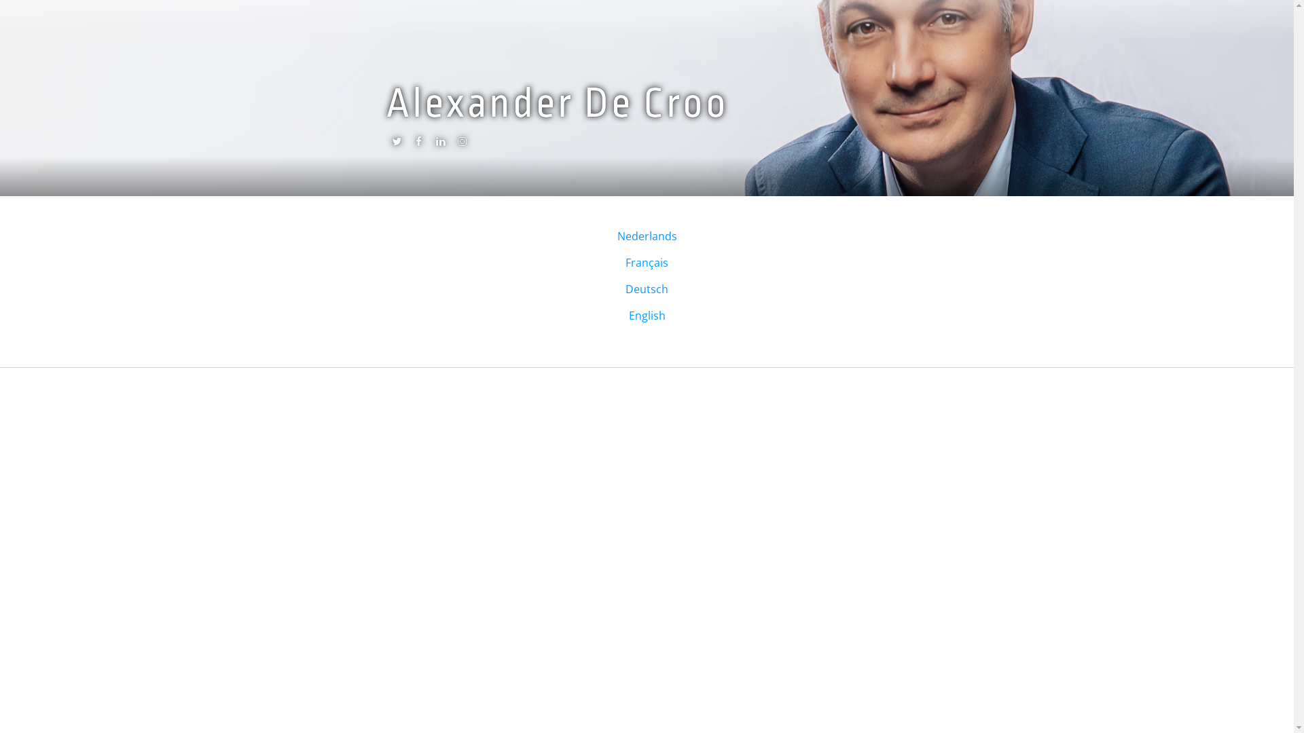  Describe the element at coordinates (646, 288) in the screenshot. I see `'Deutsch'` at that location.